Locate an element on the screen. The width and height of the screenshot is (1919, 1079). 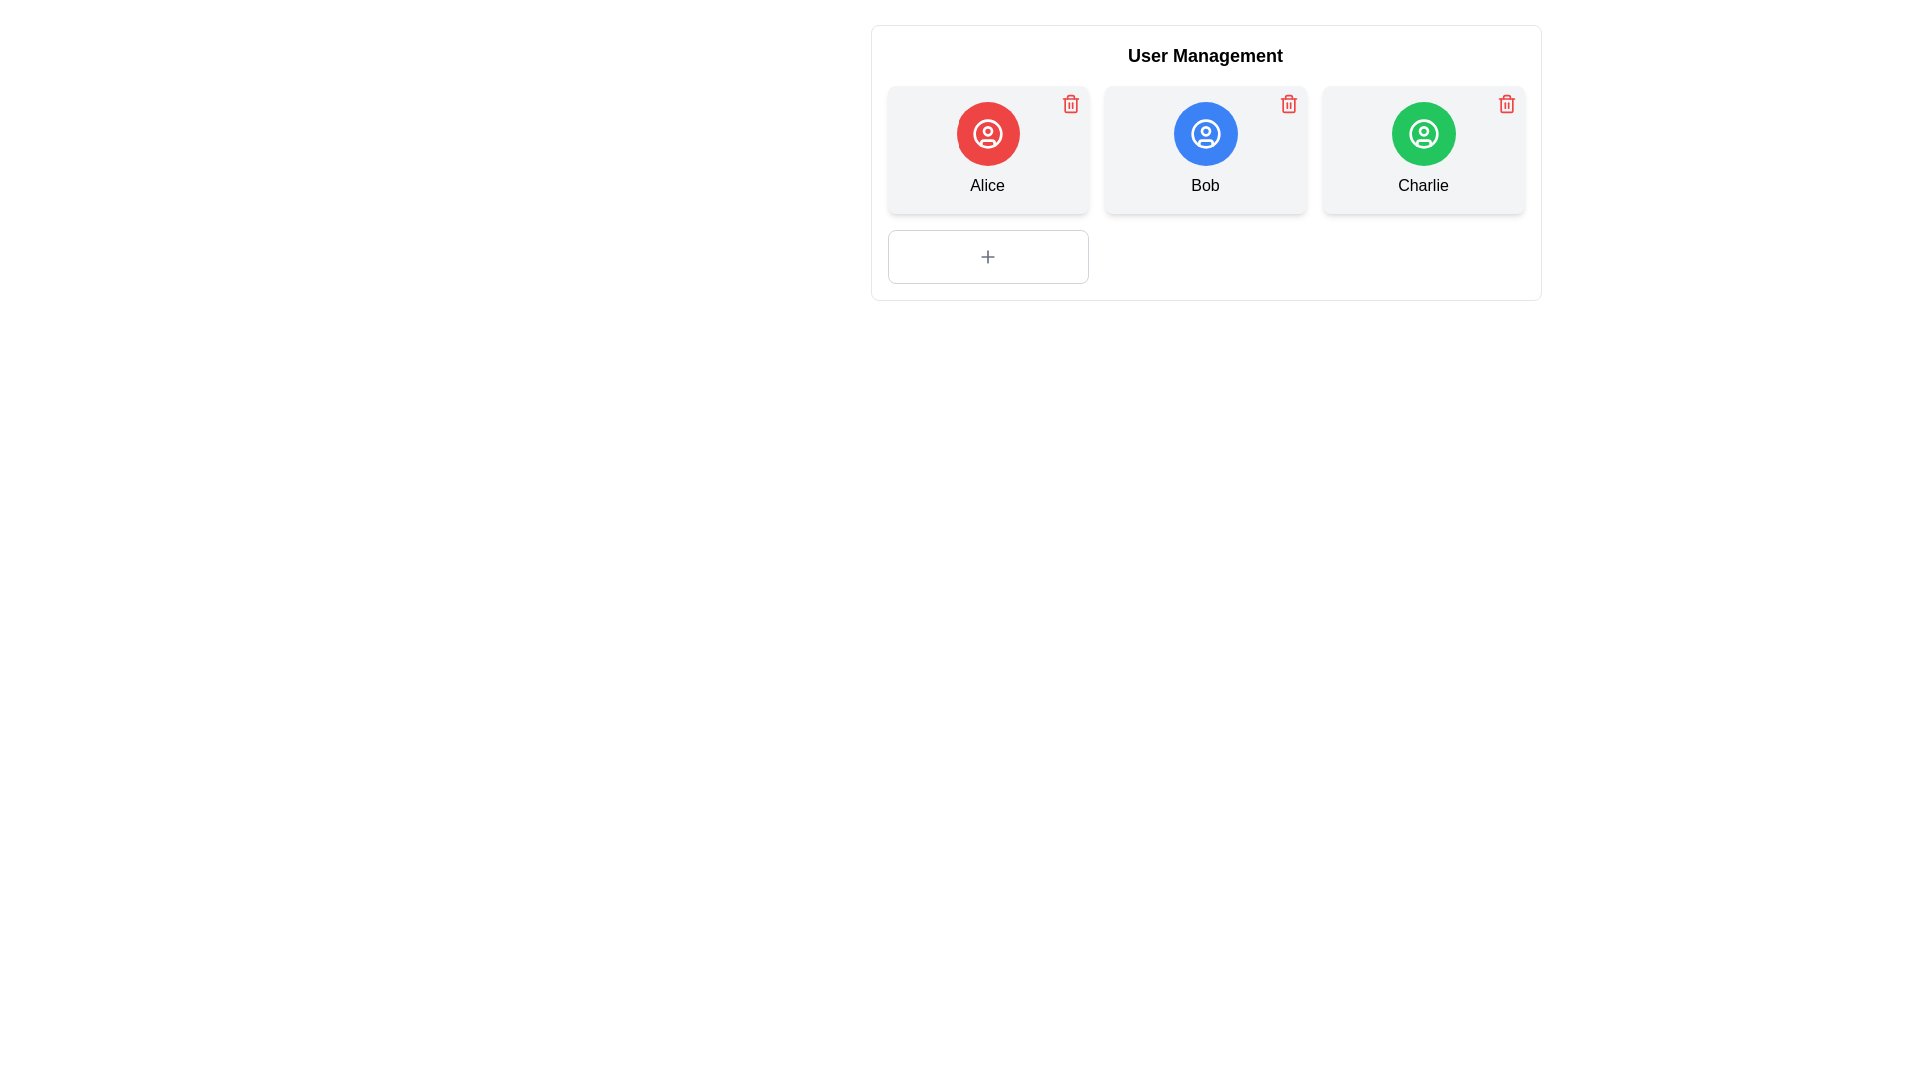
the delete button located in the top-right corner of the user information card for 'Bob' to observe hover state changes is located at coordinates (1288, 104).